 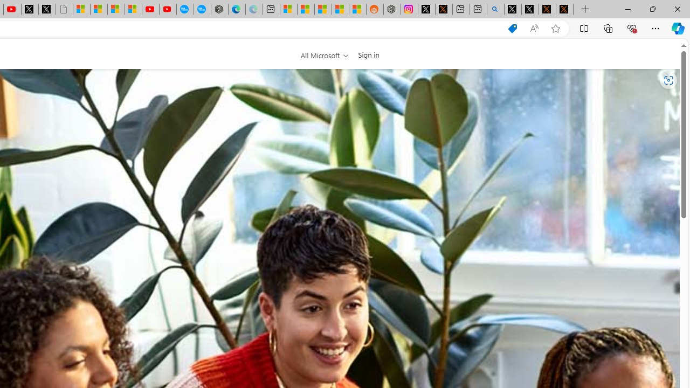 I want to click on 'Sign in', so click(x=369, y=54).